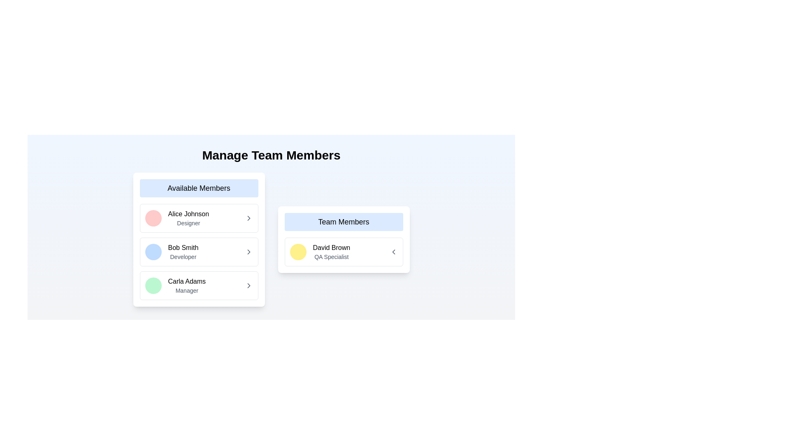 The width and height of the screenshot is (790, 444). What do you see at coordinates (344, 252) in the screenshot?
I see `the first team member list item in the right-hand panel labeled 'Team Members'` at bounding box center [344, 252].